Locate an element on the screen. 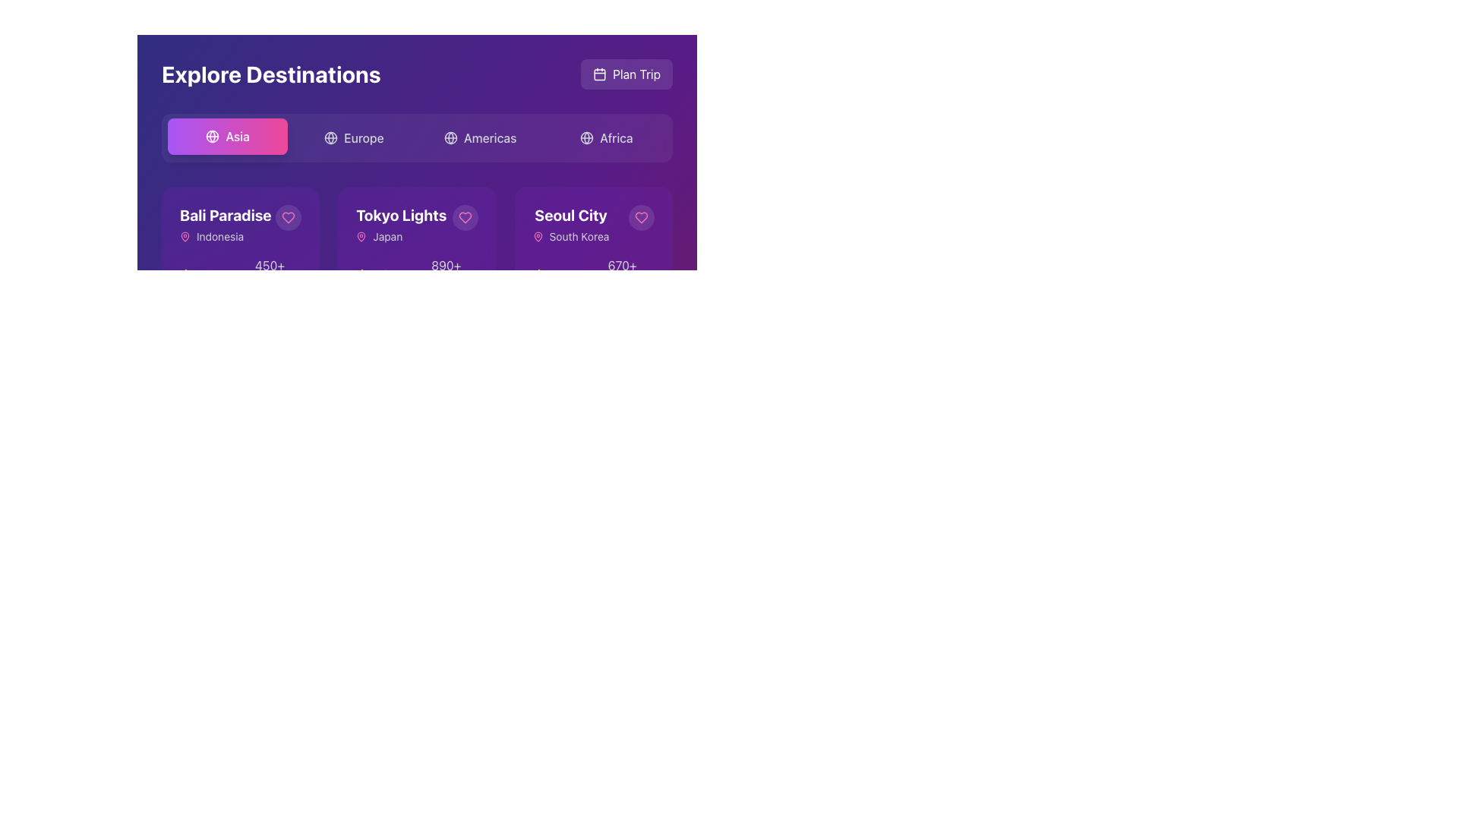  the calendar icon, which is a two-tone styled icon with white strokes on a purple background, located to the left of the 'Plan Trip' button is located at coordinates (599, 74).